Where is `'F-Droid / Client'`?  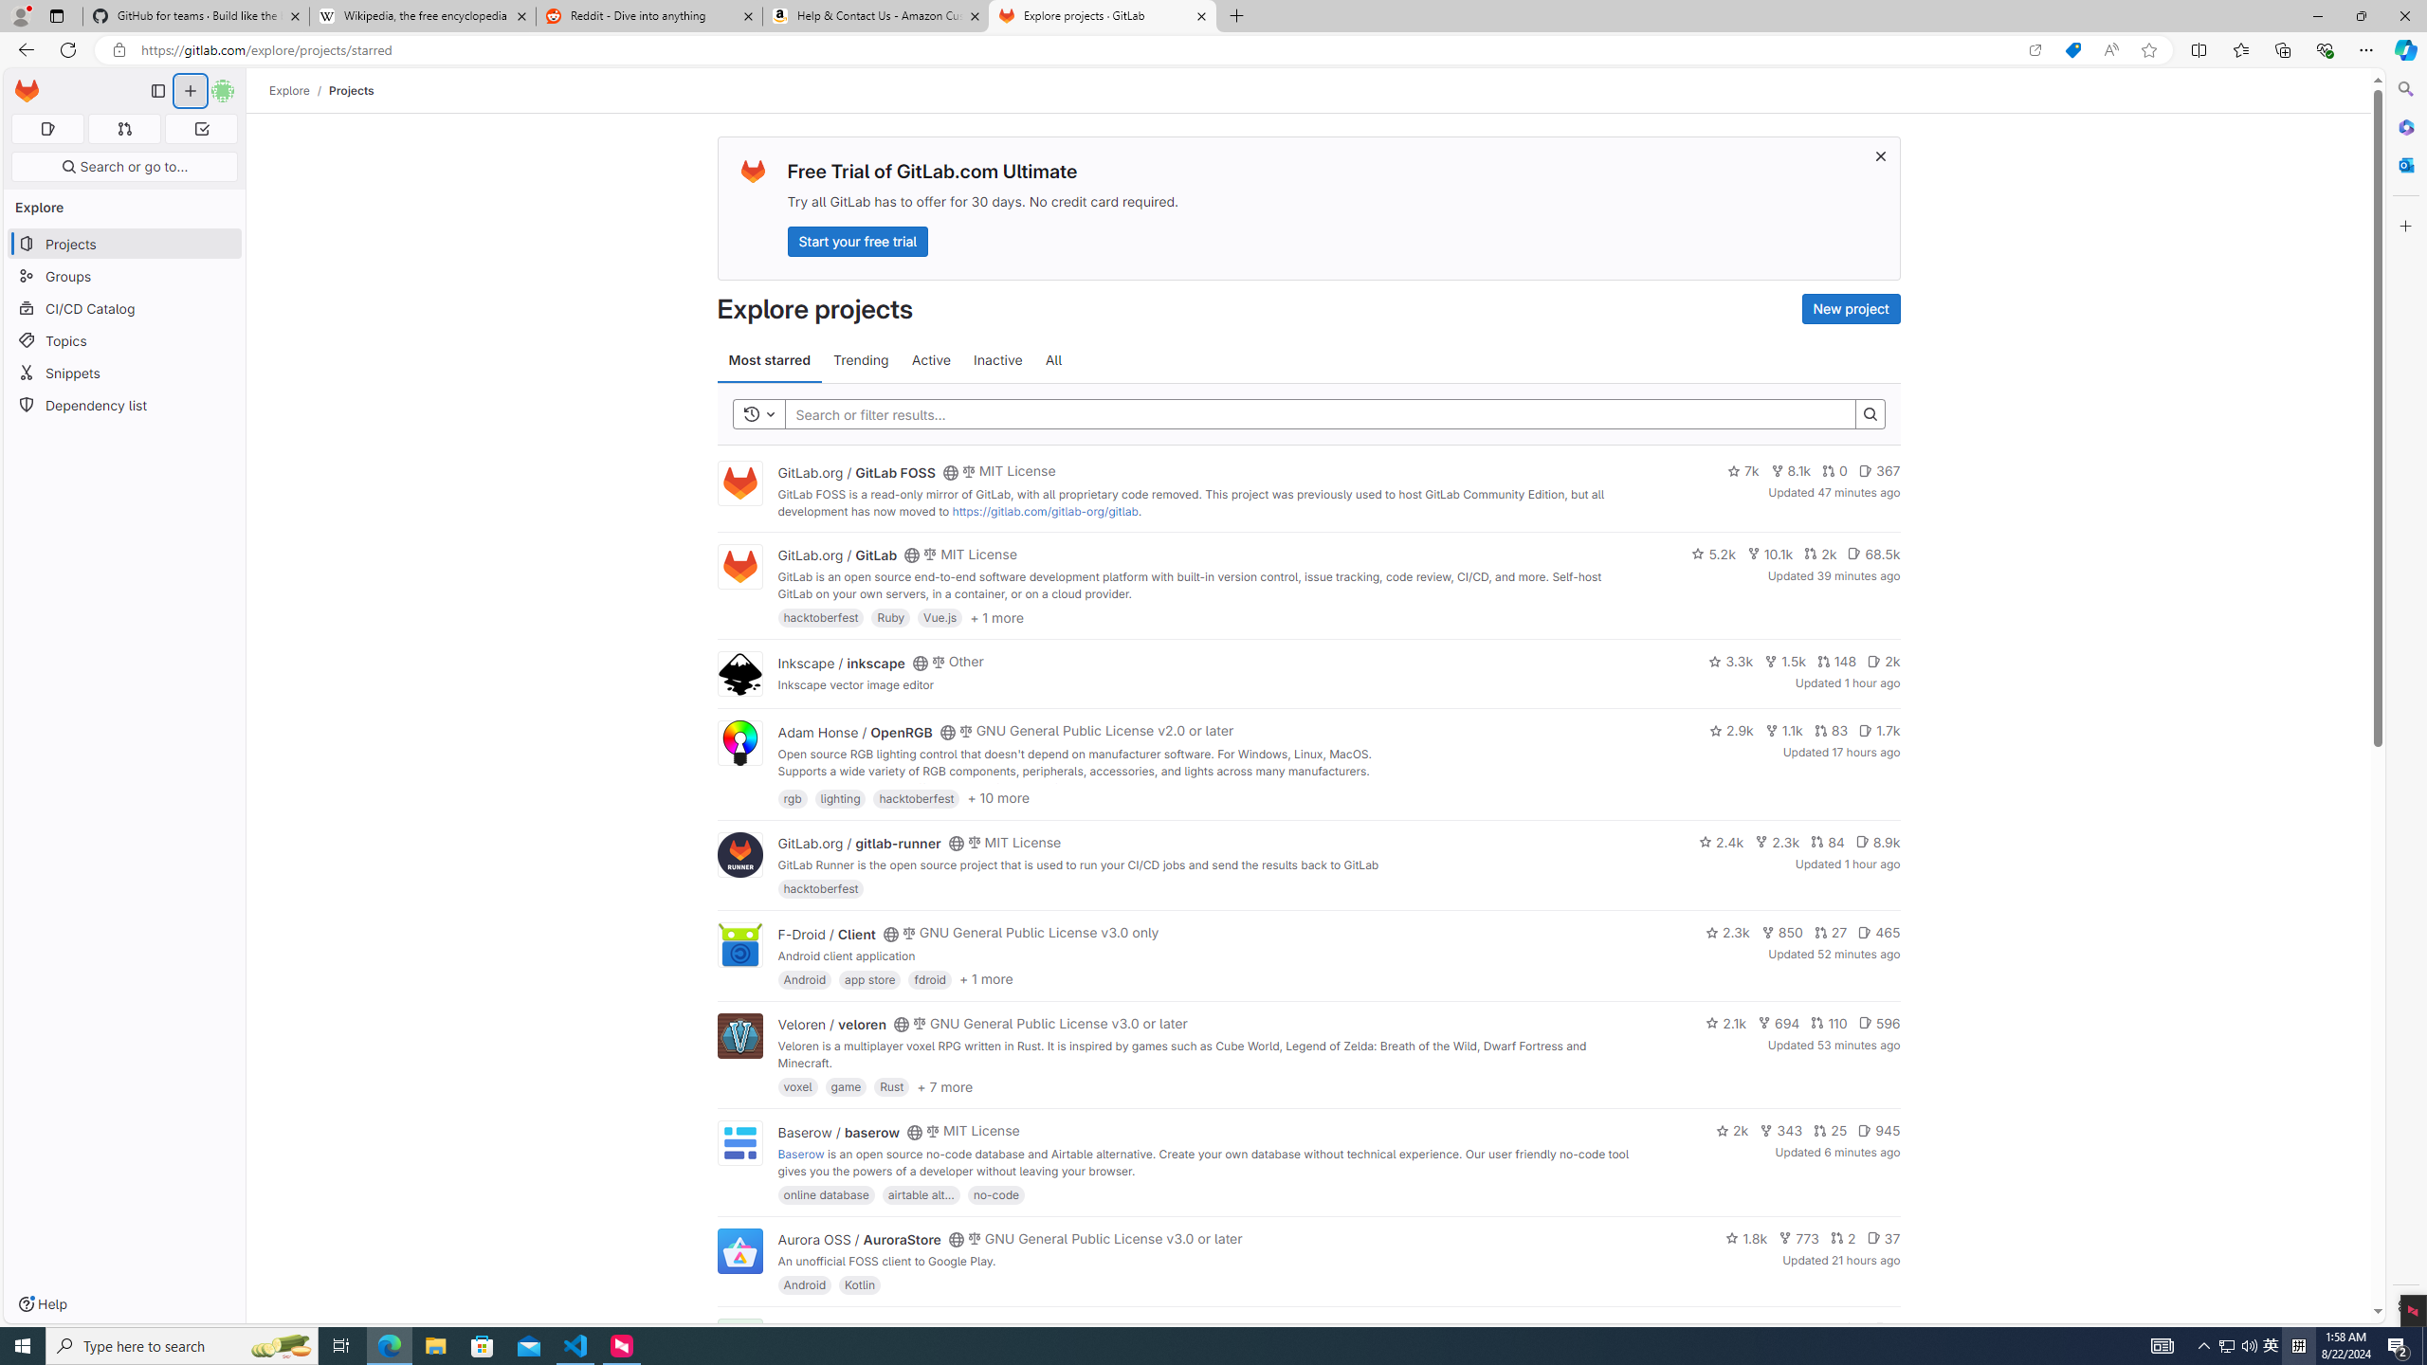
'F-Droid / Client' is located at coordinates (826, 933).